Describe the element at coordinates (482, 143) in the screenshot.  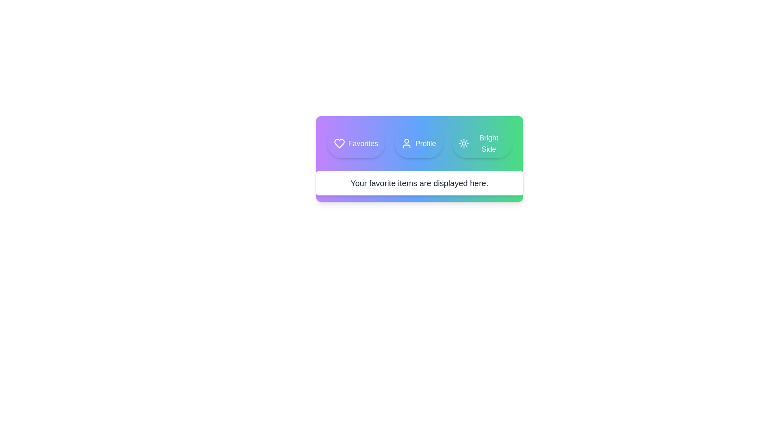
I see `the Bright Side tab to observe its hover effect` at that location.